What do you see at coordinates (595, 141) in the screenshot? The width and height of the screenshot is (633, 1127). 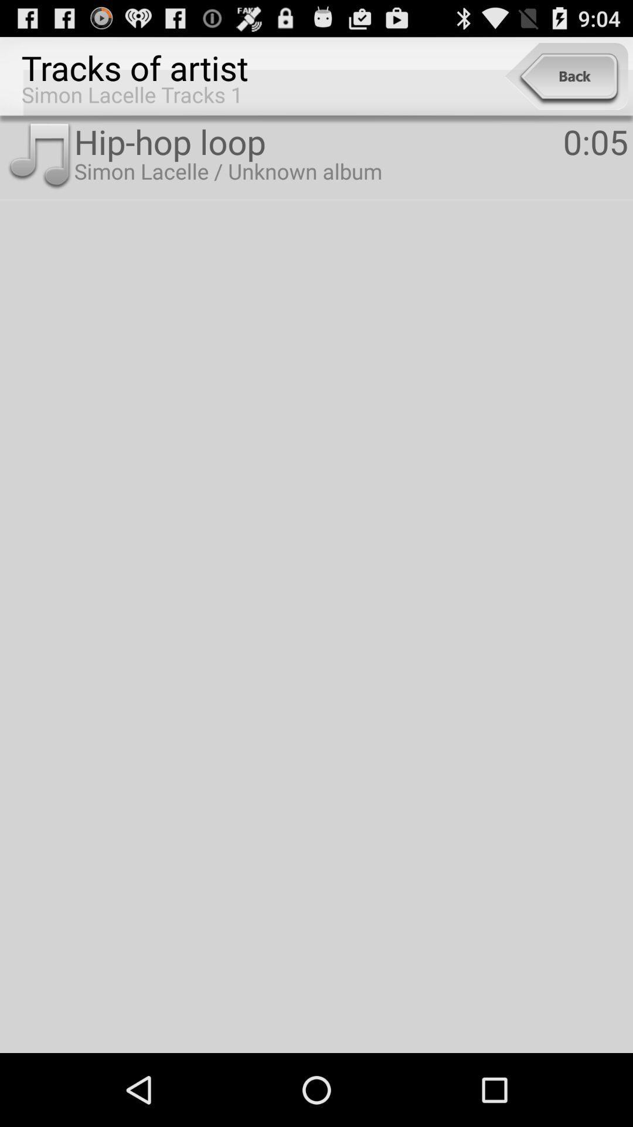 I see `the 0:05 icon` at bounding box center [595, 141].